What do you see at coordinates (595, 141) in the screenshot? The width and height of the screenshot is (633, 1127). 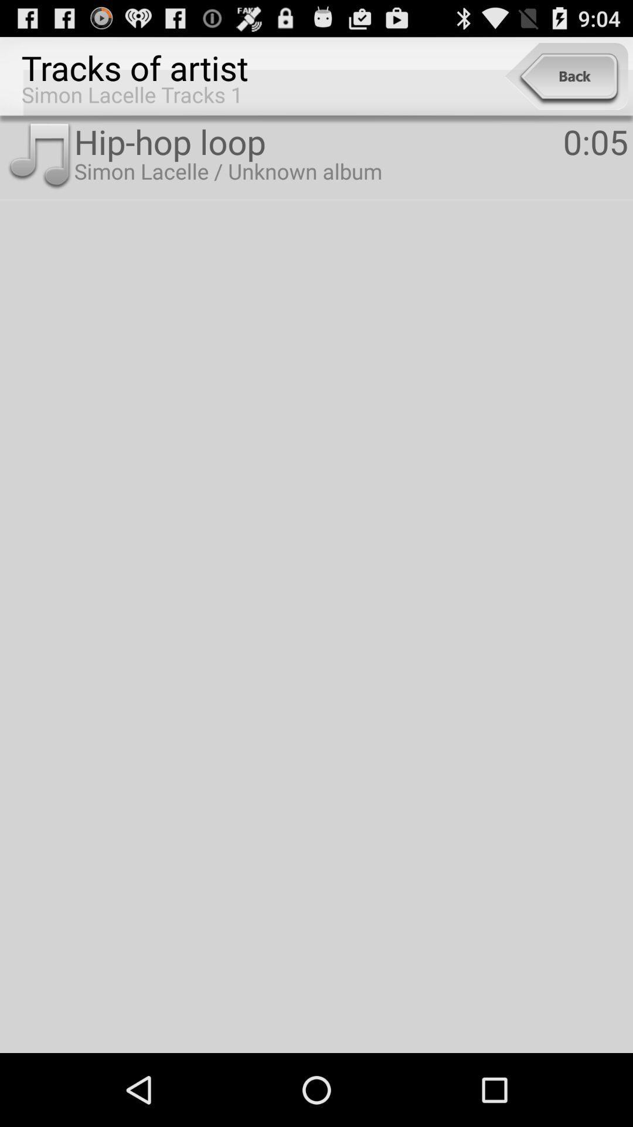 I see `the 0:05 icon` at bounding box center [595, 141].